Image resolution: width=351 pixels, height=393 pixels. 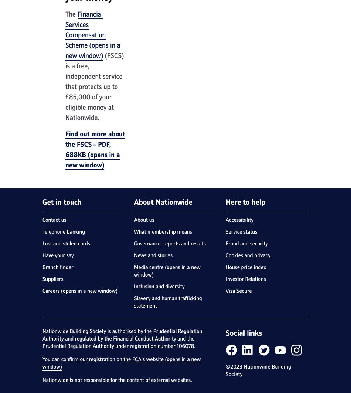 I want to click on 'Cookies and privacy', so click(x=248, y=255).